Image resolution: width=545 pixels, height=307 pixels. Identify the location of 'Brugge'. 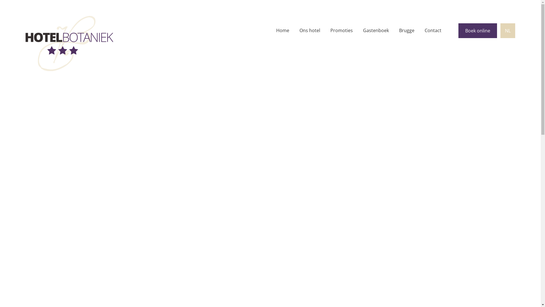
(399, 31).